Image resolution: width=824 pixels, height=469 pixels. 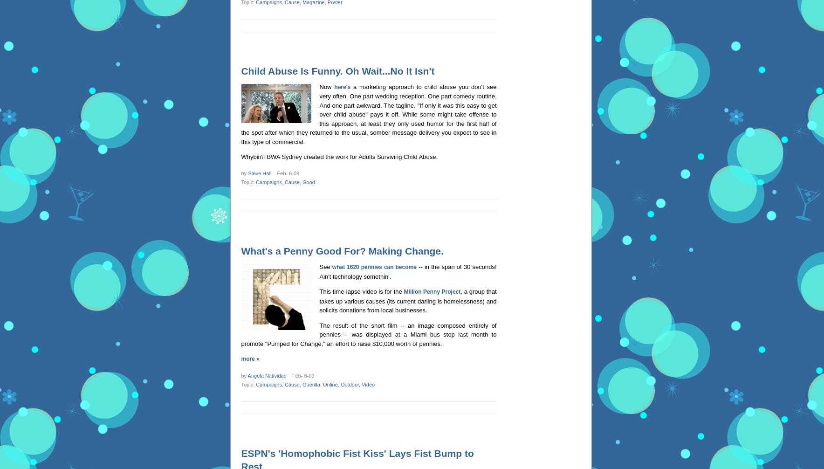 What do you see at coordinates (369, 114) in the screenshot?
I see `'a marketing approach to child abuse you don't see very often. One part wedding reception. One part comedy routine. And one part awkward. The tagline, "If only it was this easy to get over child abuse" pays it off. While some might take offense to this approach, at least they only used humor for the first half of the spot after which they returned to the usual, somber message delivery you expect to see in this type of commercial.'` at bounding box center [369, 114].